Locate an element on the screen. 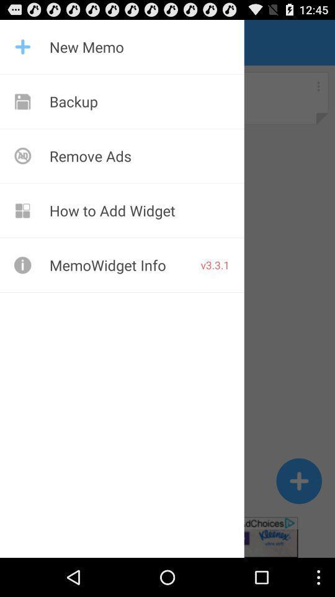  the add icon is located at coordinates (298, 515).